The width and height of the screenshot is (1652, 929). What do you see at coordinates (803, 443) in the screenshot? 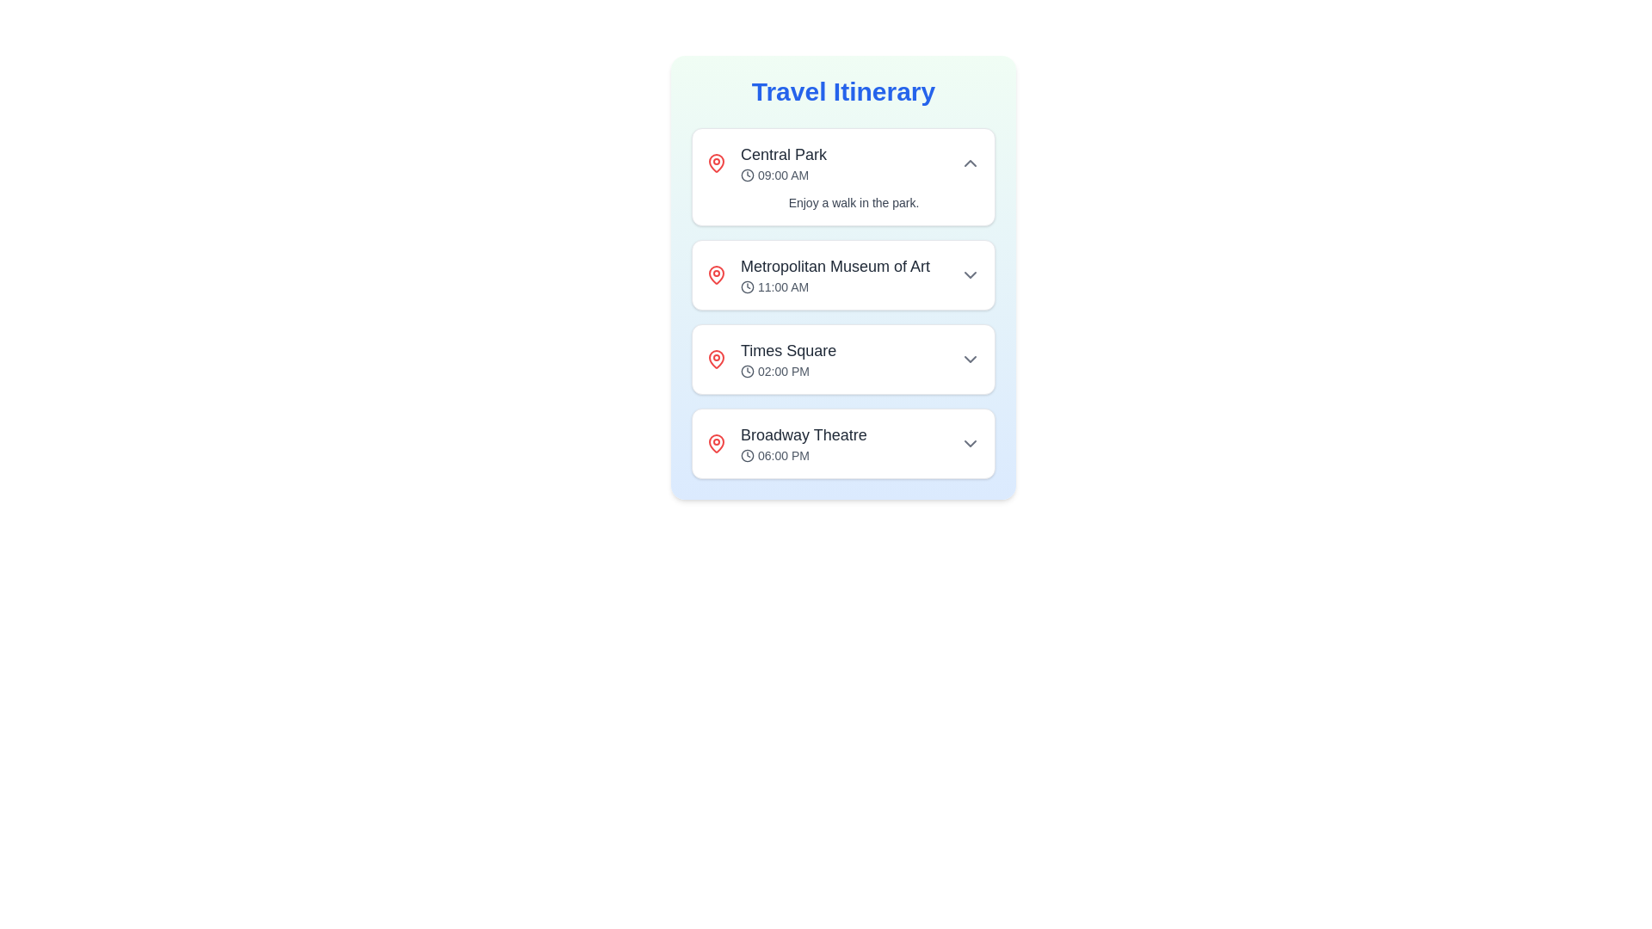
I see `the text block displaying information about the 'Broadway Theatre' event, which is the fourth list item in the 'Travel Itinerary' panel` at bounding box center [803, 443].